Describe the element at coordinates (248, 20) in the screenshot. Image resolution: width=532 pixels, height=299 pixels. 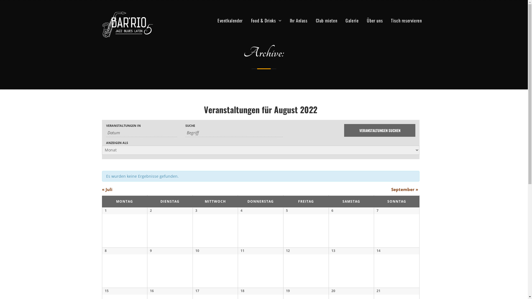
I see `'Food & Drinks'` at that location.